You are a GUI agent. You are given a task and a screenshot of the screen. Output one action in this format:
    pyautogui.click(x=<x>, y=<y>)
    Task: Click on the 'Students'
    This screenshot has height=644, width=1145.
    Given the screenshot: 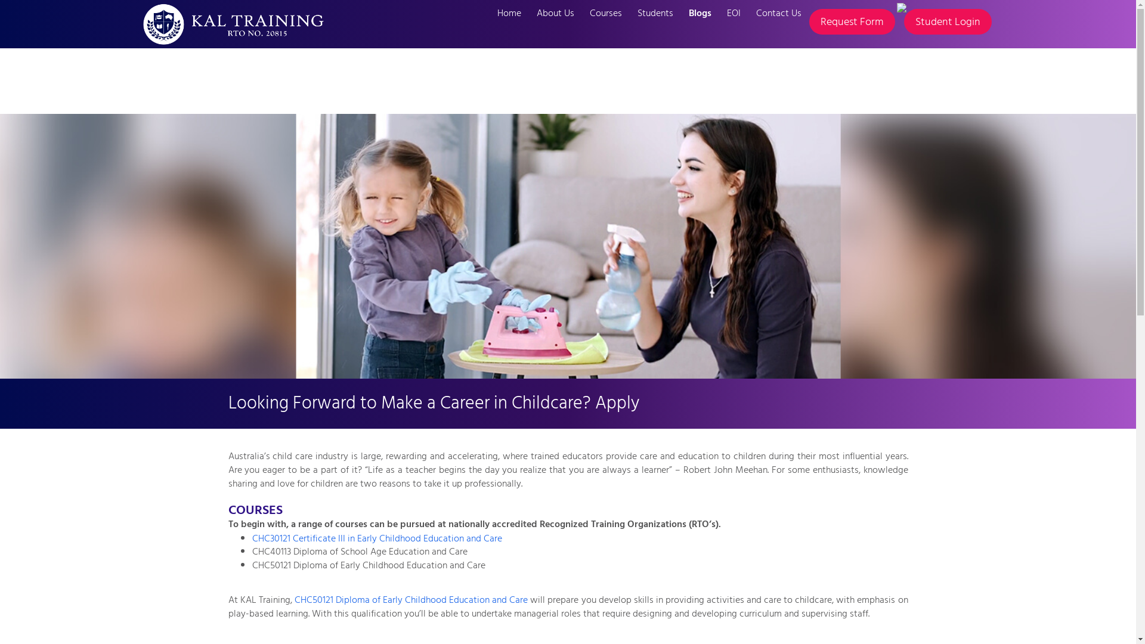 What is the action you would take?
    pyautogui.click(x=655, y=13)
    